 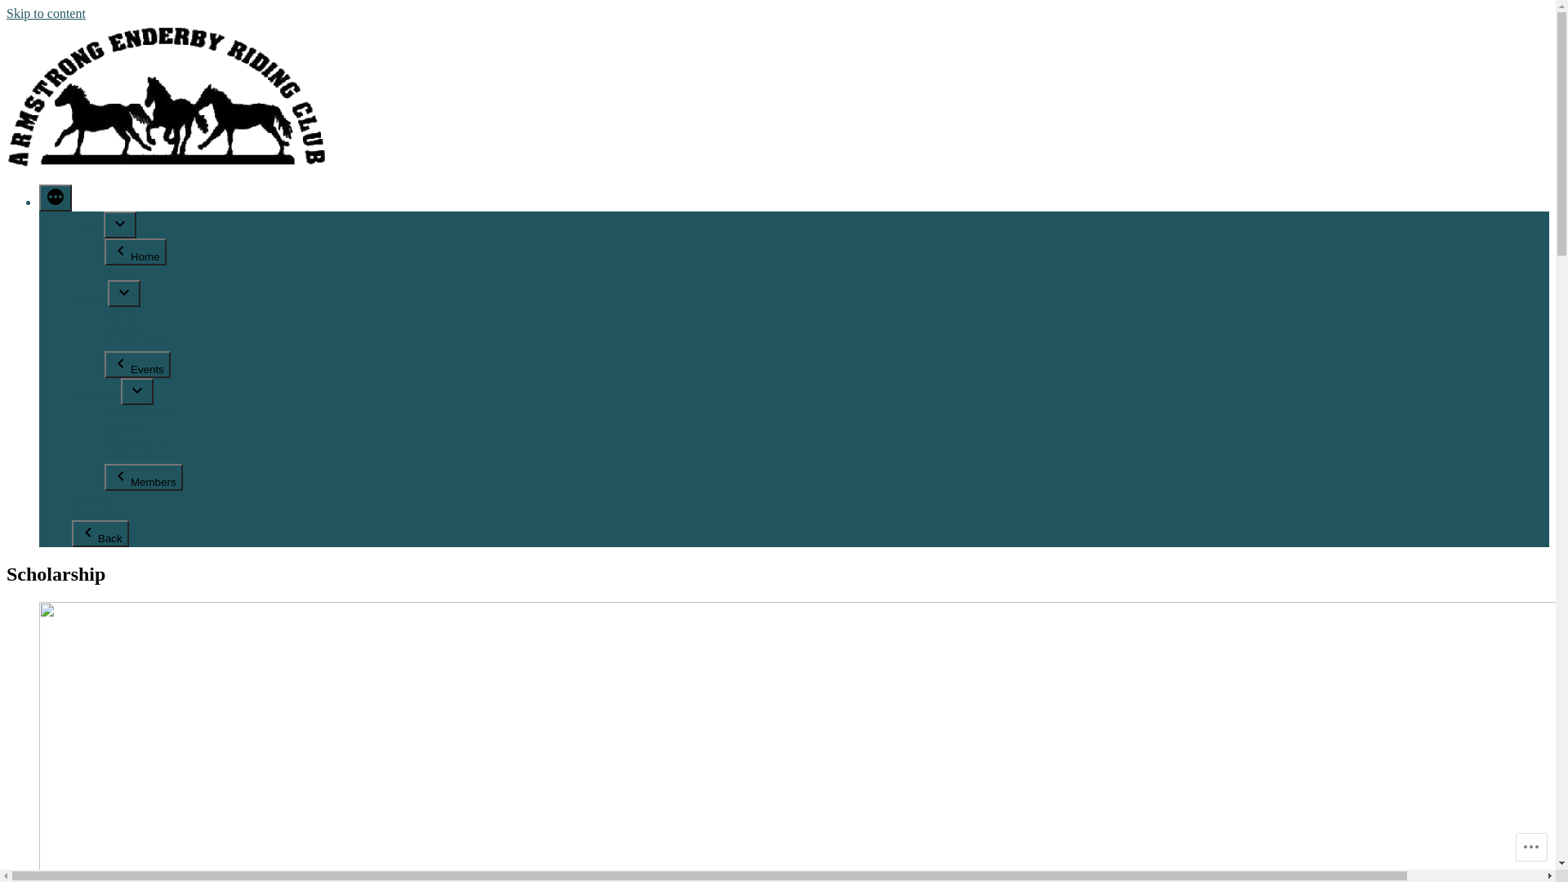 I want to click on 'Sponsorship', so click(x=136, y=342).